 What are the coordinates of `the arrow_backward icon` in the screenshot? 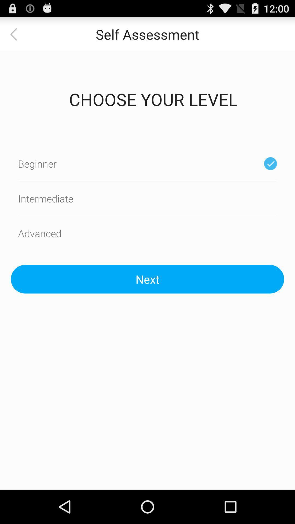 It's located at (17, 36).